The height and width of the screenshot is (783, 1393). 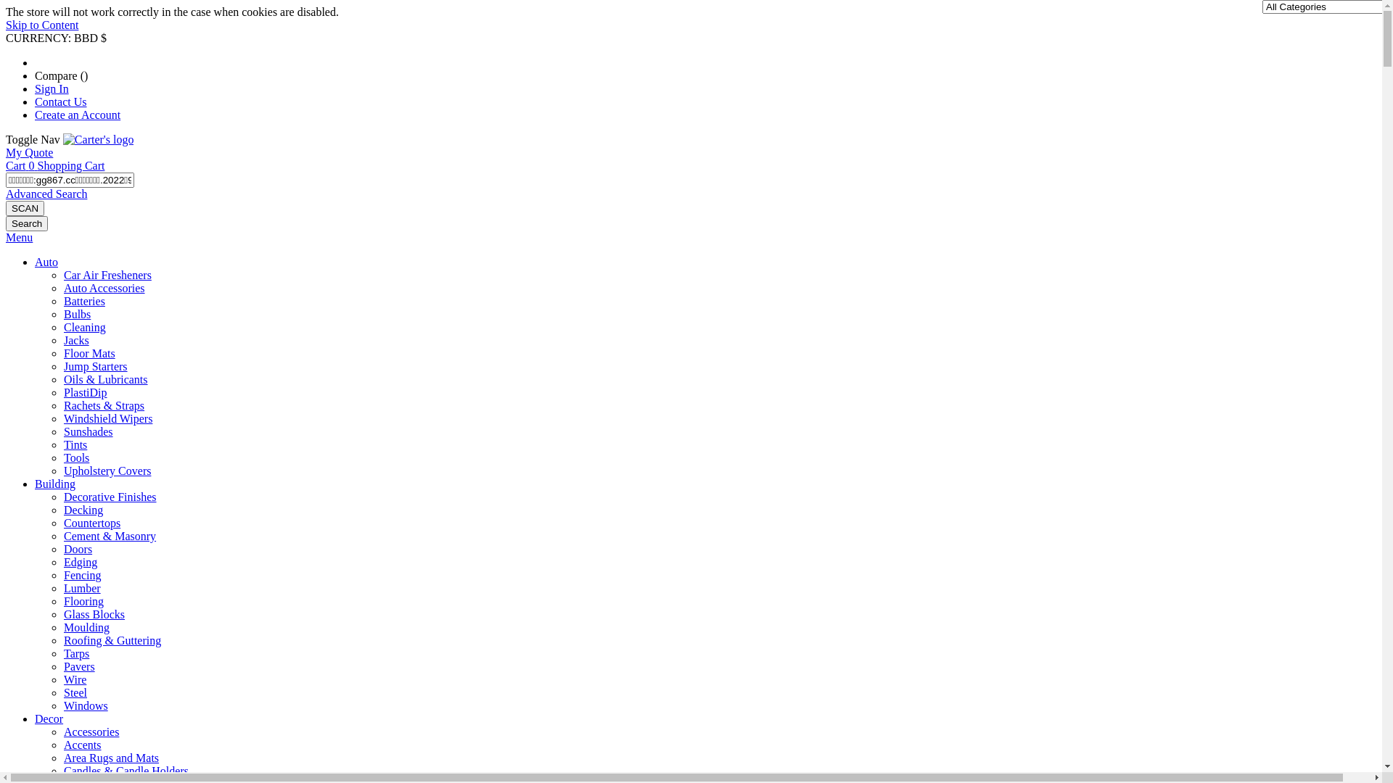 What do you see at coordinates (62, 378) in the screenshot?
I see `'Oils & Lubricants'` at bounding box center [62, 378].